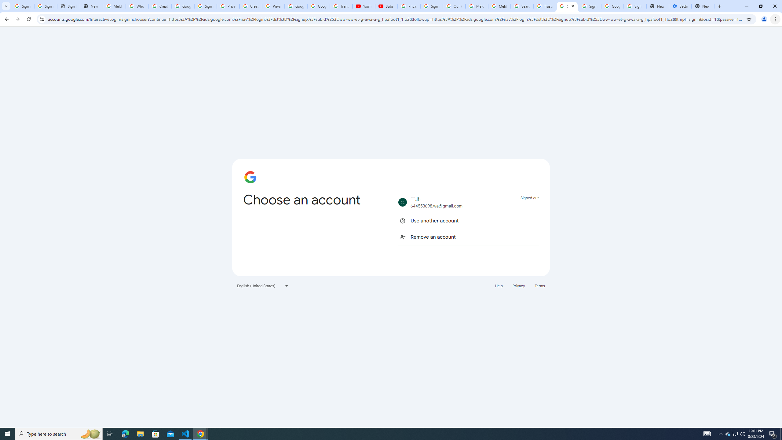 Image resolution: width=782 pixels, height=440 pixels. What do you see at coordinates (544, 6) in the screenshot?
I see `'Trusted Information and Content - Google Safety Center'` at bounding box center [544, 6].